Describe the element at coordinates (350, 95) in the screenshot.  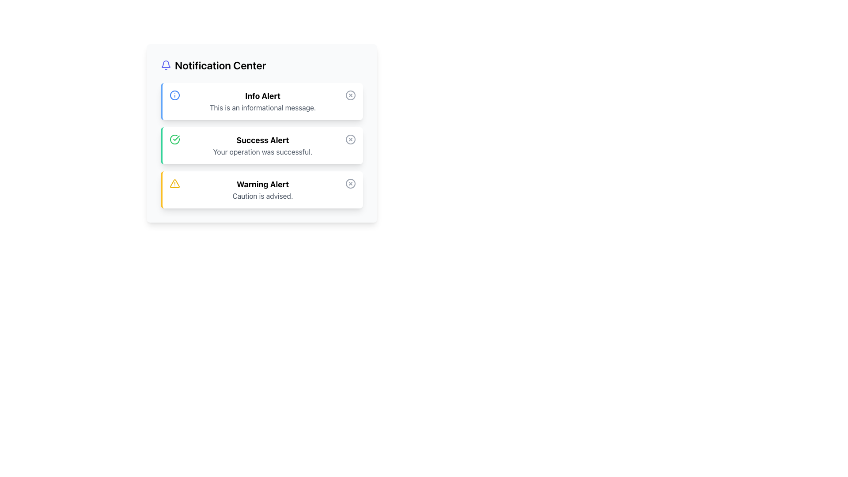
I see `the circular button with a gray border and 'X' icon in the top-right corner of the 'Info Alert' notification` at that location.